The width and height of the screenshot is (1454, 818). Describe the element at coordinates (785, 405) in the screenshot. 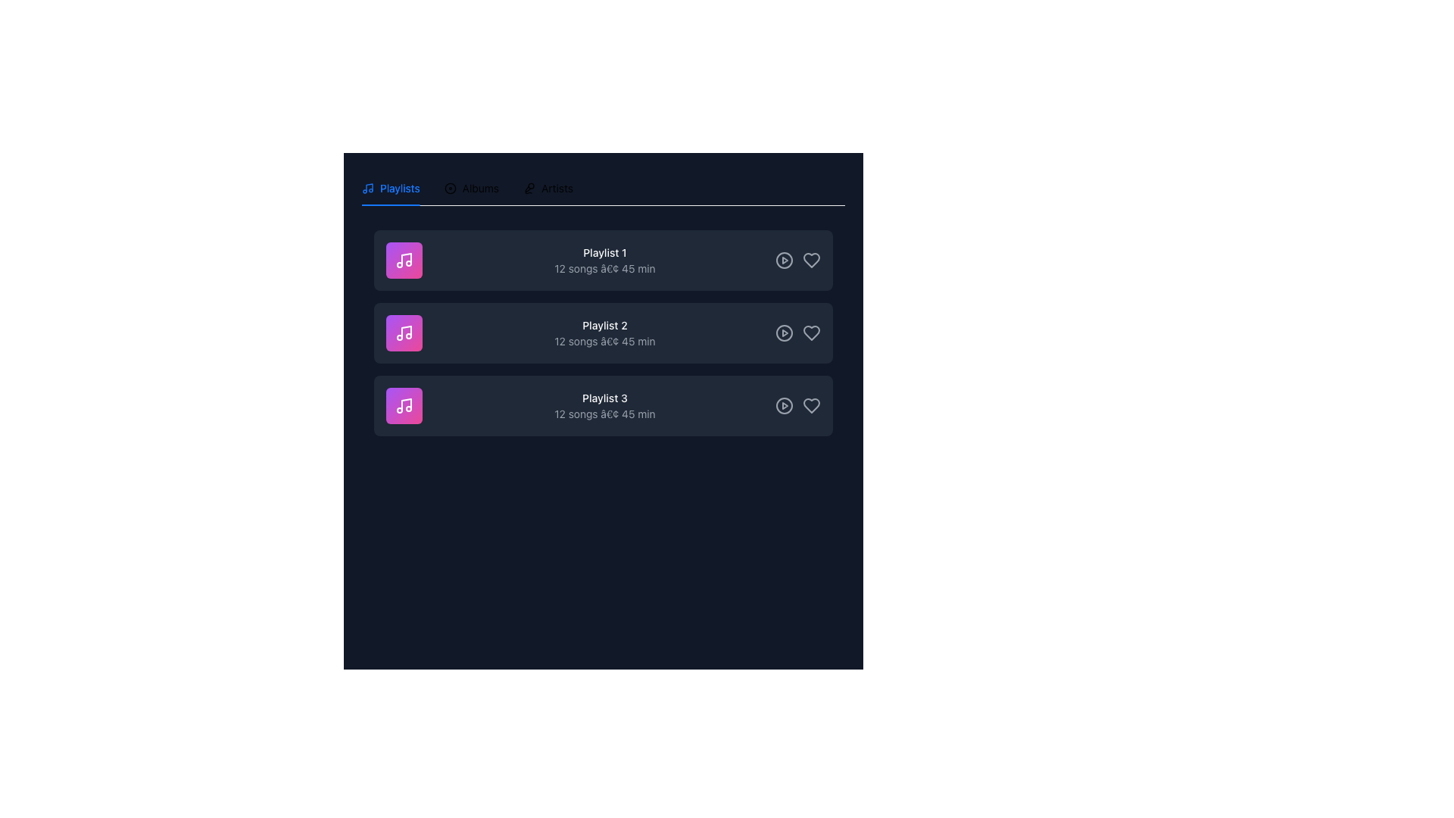

I see `the circular graphical element surrounding the play icon in the third playlist's actions row located at the bottom-right corner` at that location.